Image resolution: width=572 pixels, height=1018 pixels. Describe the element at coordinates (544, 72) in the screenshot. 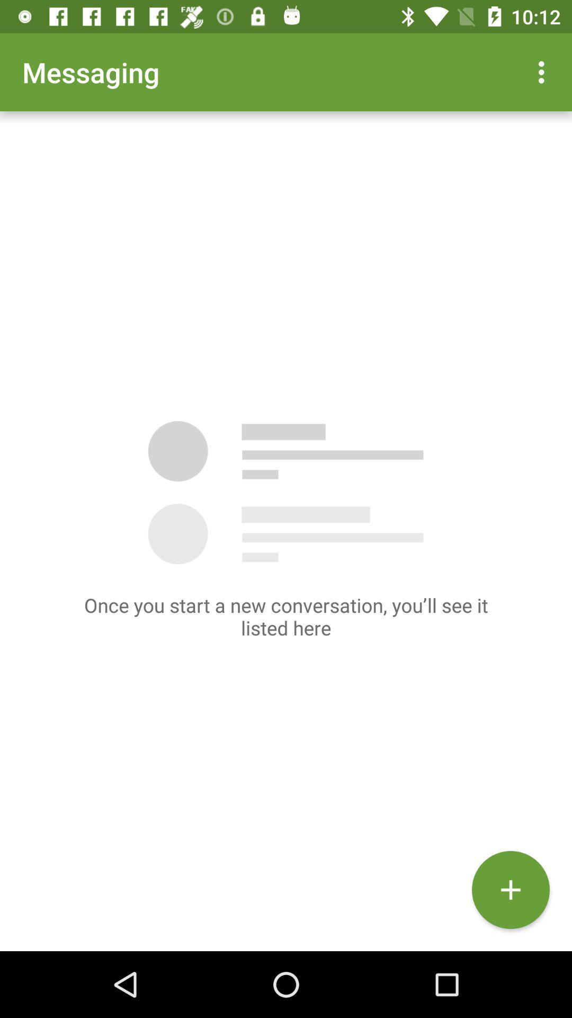

I see `the app to the right of messaging app` at that location.